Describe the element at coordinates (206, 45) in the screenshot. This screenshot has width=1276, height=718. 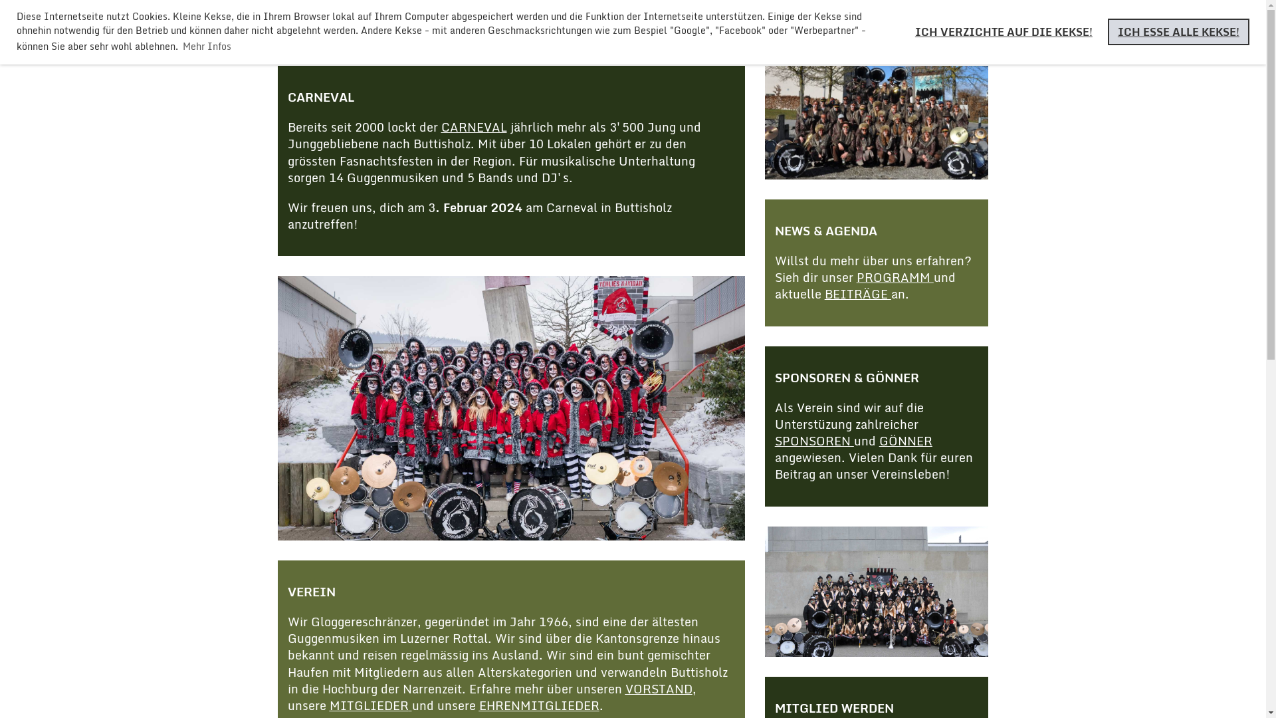
I see `'Mehr Infos'` at that location.